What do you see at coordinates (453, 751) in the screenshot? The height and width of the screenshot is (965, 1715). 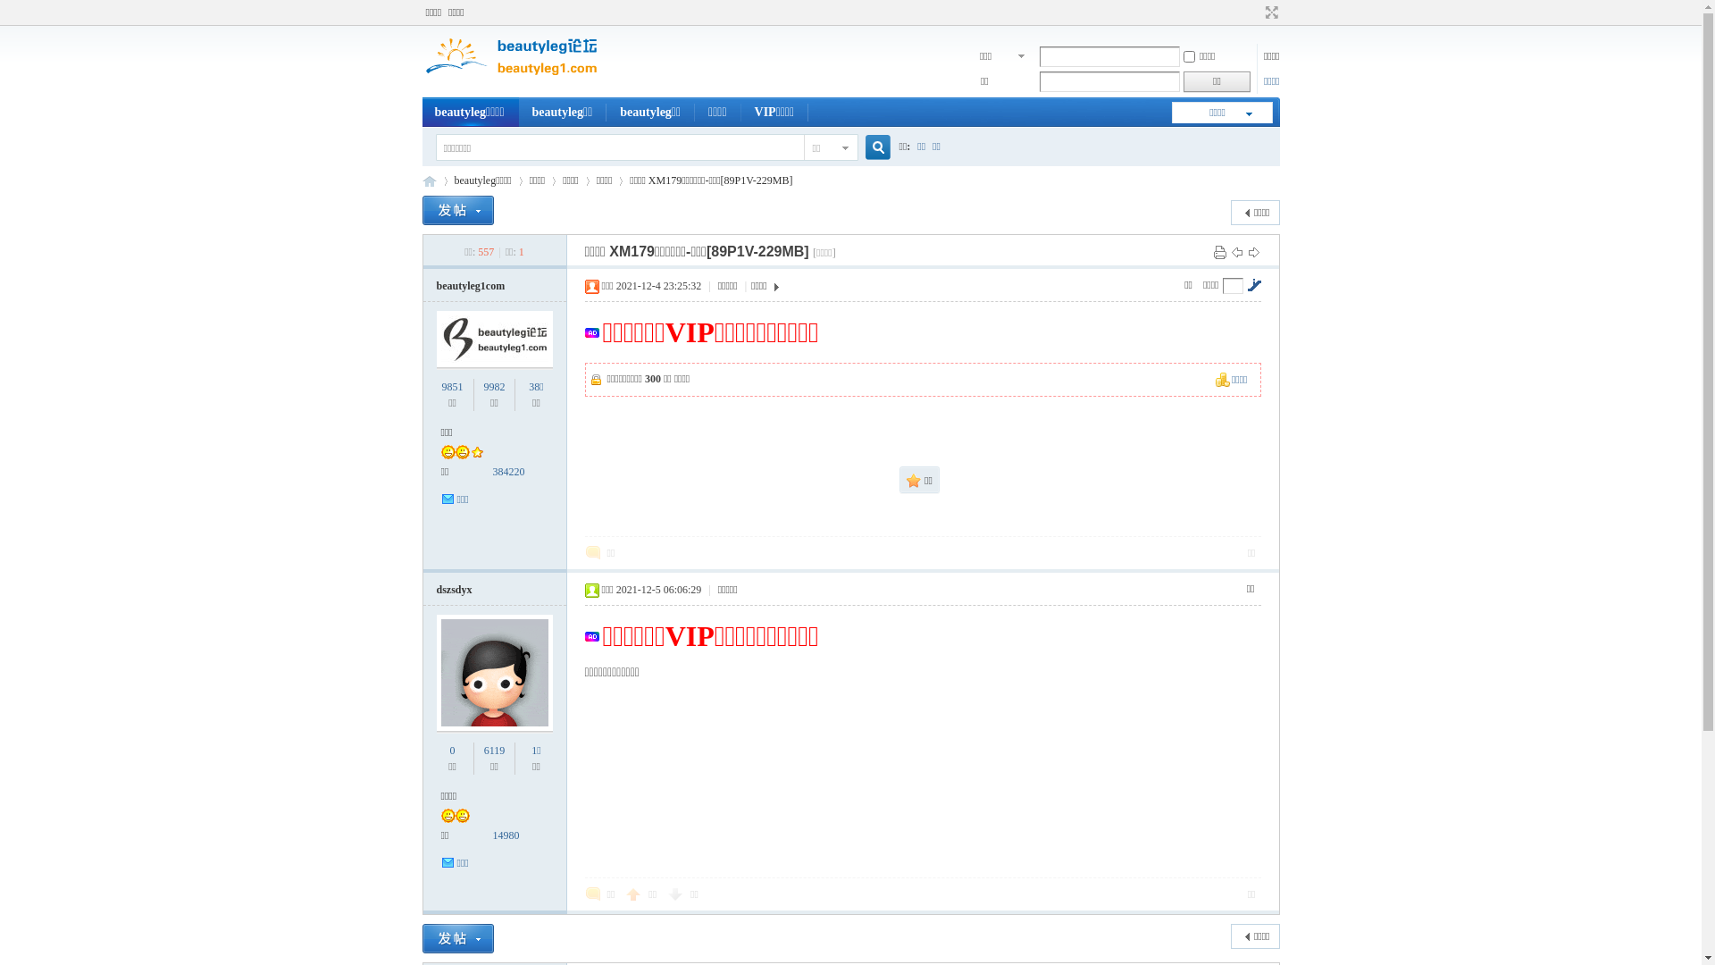 I see `'0'` at bounding box center [453, 751].